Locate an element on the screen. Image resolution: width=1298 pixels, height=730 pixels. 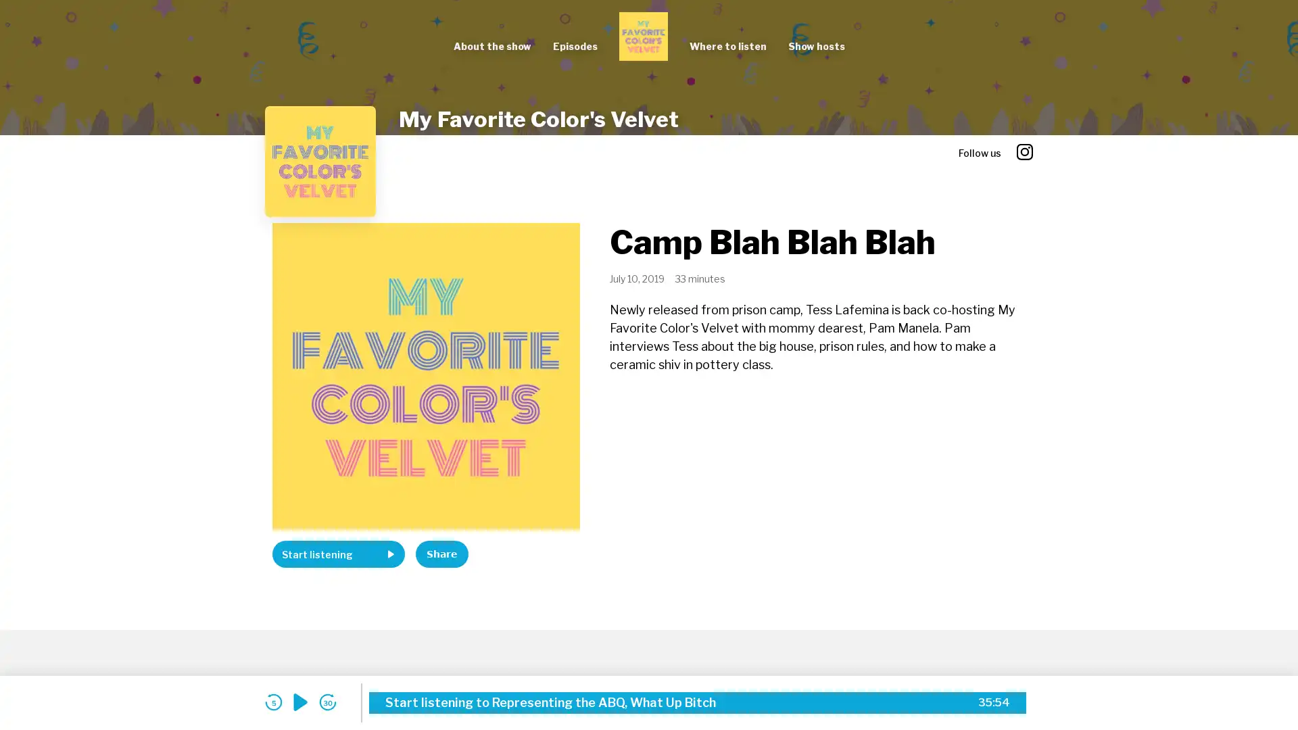
skip back 5 seconds is located at coordinates (272, 702).